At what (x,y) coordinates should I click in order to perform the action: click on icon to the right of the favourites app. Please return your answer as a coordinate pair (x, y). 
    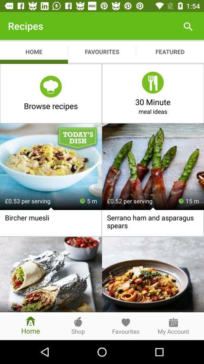
    Looking at the image, I should click on (187, 26).